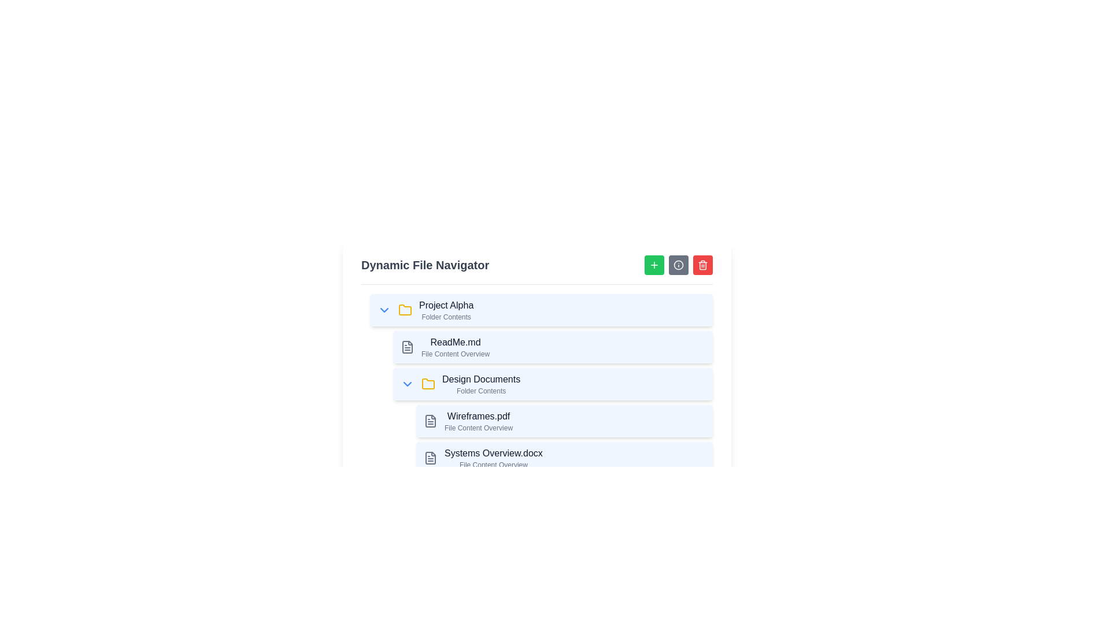 This screenshot has height=624, width=1110. Describe the element at coordinates (408, 347) in the screenshot. I see `the file icon representing the 'ReadMe.md' text-based file, which is located in the file navigator interface, to the left of the label 'ReadMe.md'` at that location.